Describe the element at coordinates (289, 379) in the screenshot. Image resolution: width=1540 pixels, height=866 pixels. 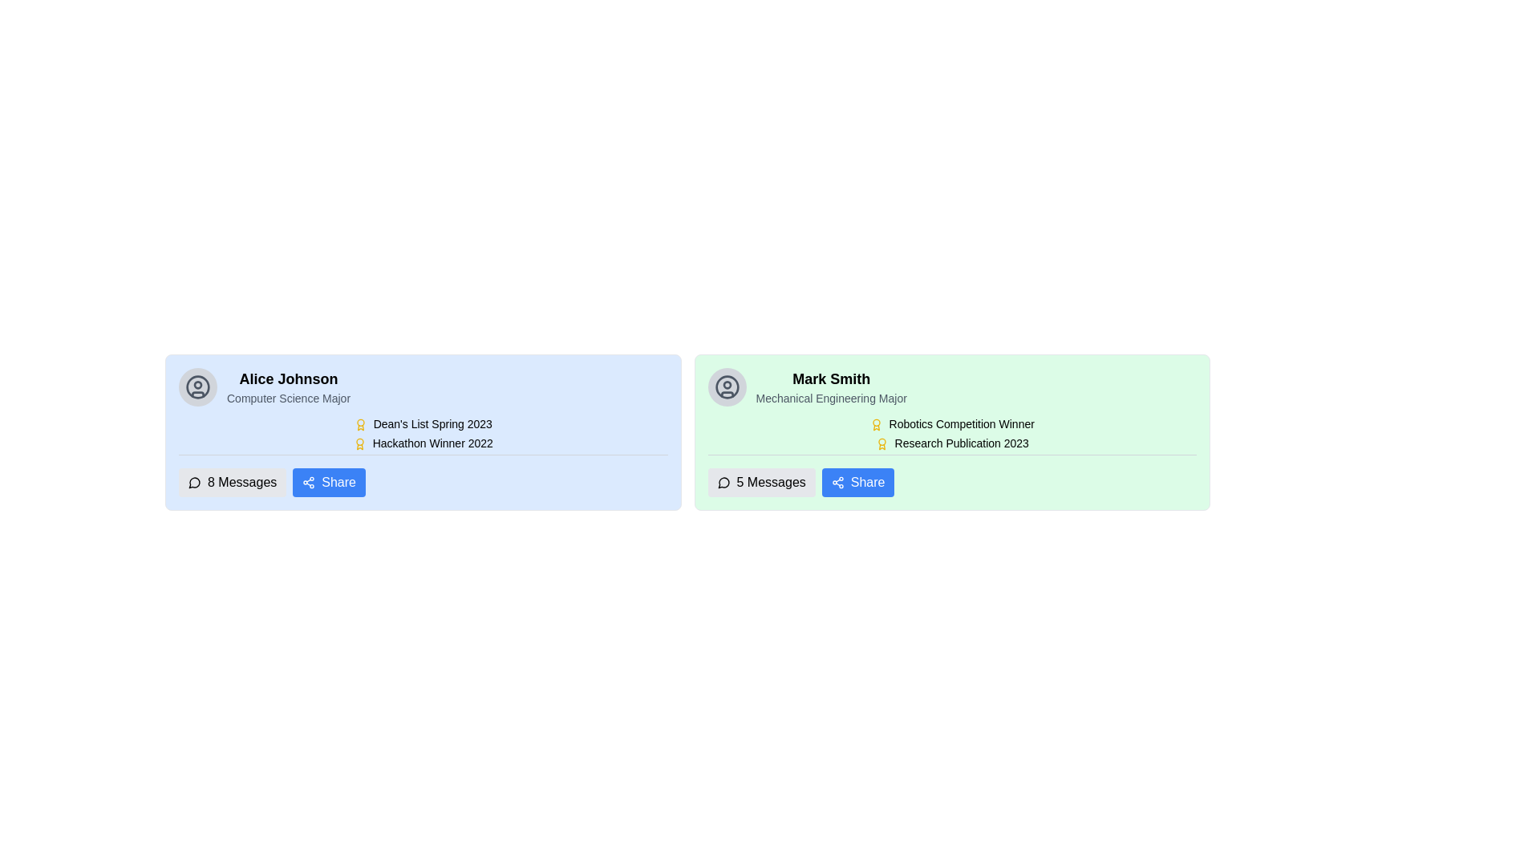
I see `the text label displaying 'Alice Johnson'` at that location.